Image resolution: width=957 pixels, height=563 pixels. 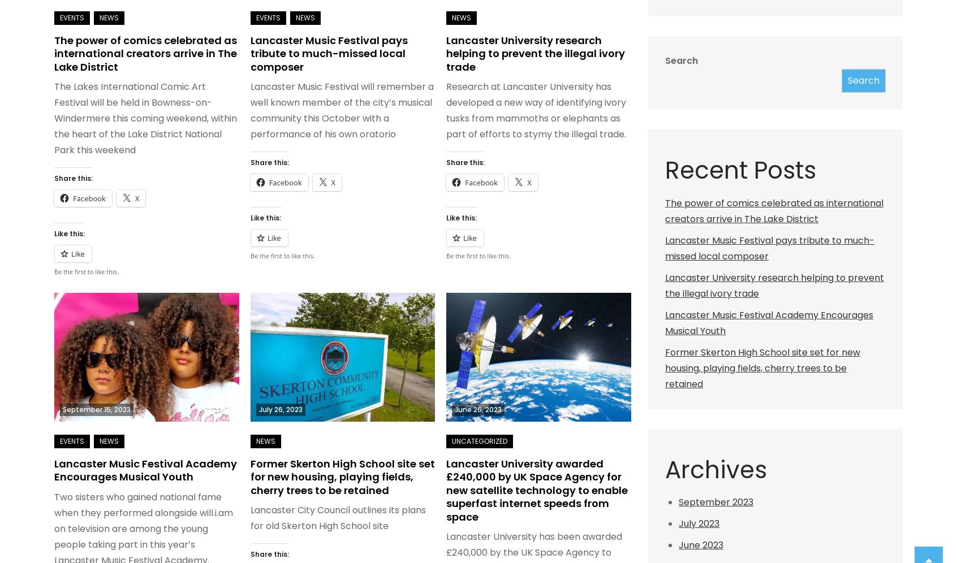 I want to click on 'Uncategorized', so click(x=479, y=440).